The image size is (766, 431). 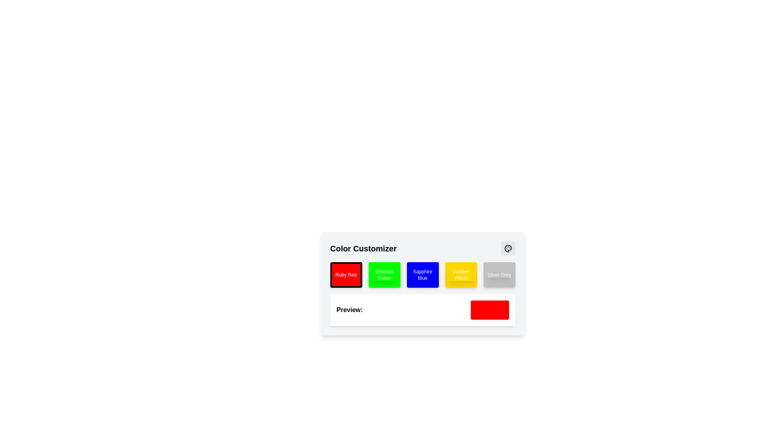 I want to click on the Sapphire Blue color option button in the Color Customizer interface, so click(x=422, y=275).